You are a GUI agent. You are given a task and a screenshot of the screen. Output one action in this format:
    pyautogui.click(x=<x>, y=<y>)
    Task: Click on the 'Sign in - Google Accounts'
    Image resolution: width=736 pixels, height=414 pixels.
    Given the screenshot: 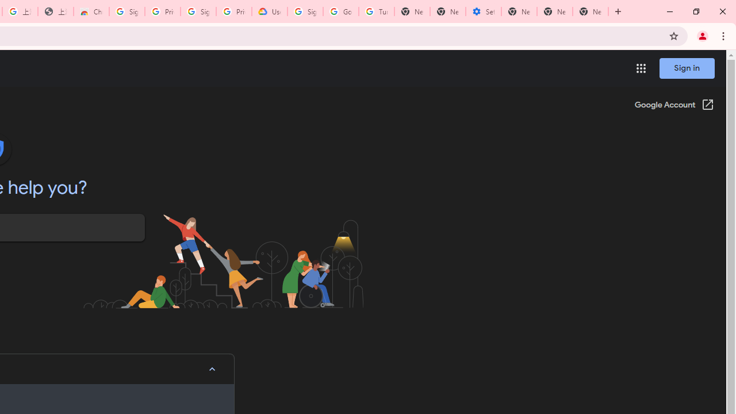 What is the action you would take?
    pyautogui.click(x=126, y=11)
    